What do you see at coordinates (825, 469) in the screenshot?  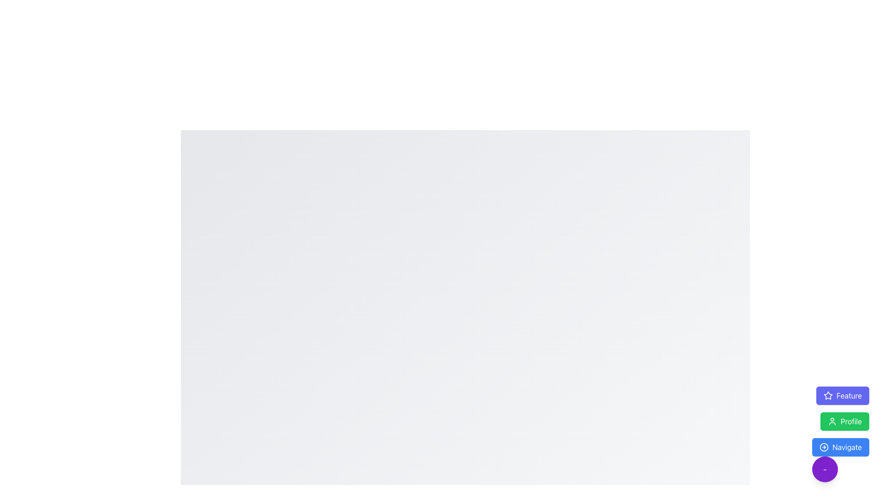 I see `the circular purple button with a white '-' symbol, located at the bottom of a vertical stack of buttons` at bounding box center [825, 469].